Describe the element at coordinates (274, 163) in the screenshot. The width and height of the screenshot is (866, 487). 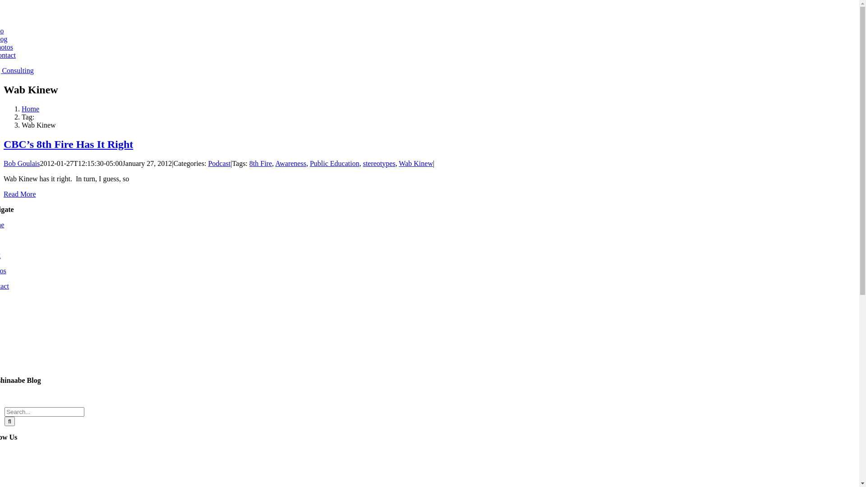
I see `'Awareness'` at that location.